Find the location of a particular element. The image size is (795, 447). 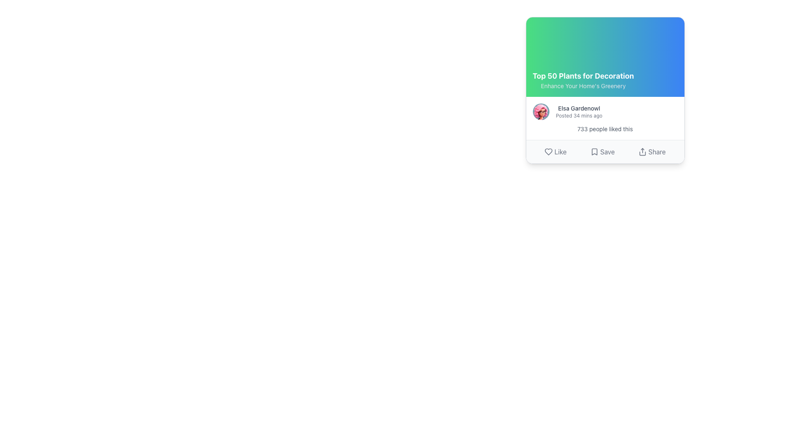

the static text that reads '733 people liked this', which is positioned directly beneath the 'Elsa Gardenowl Posted 34 mins ago' text component is located at coordinates (605, 129).